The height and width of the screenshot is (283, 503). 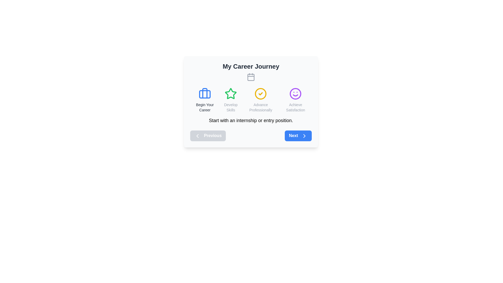 What do you see at coordinates (261, 94) in the screenshot?
I see `the yellow circular icon with a checkmark inside, located in the third section of the card labeled 'Advance Professionally'` at bounding box center [261, 94].